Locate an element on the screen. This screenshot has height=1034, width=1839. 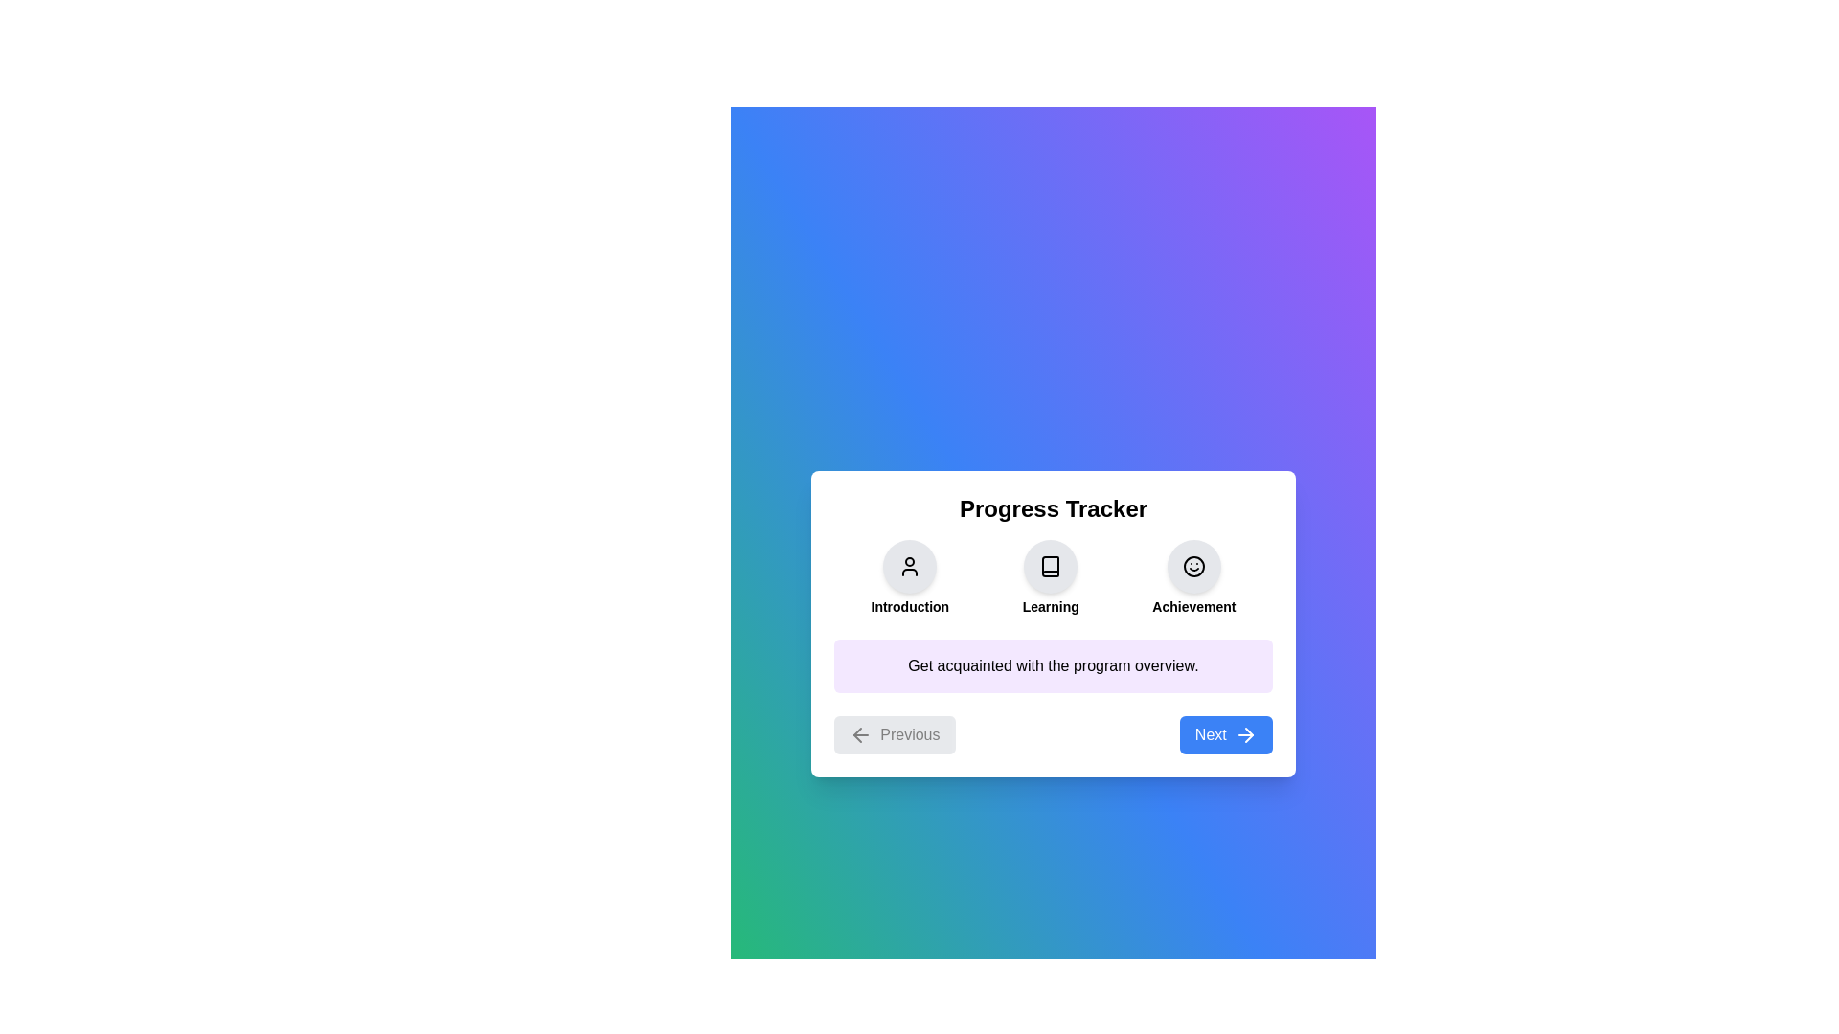
the 'Next' button to navigate to the next section is located at coordinates (1226, 733).